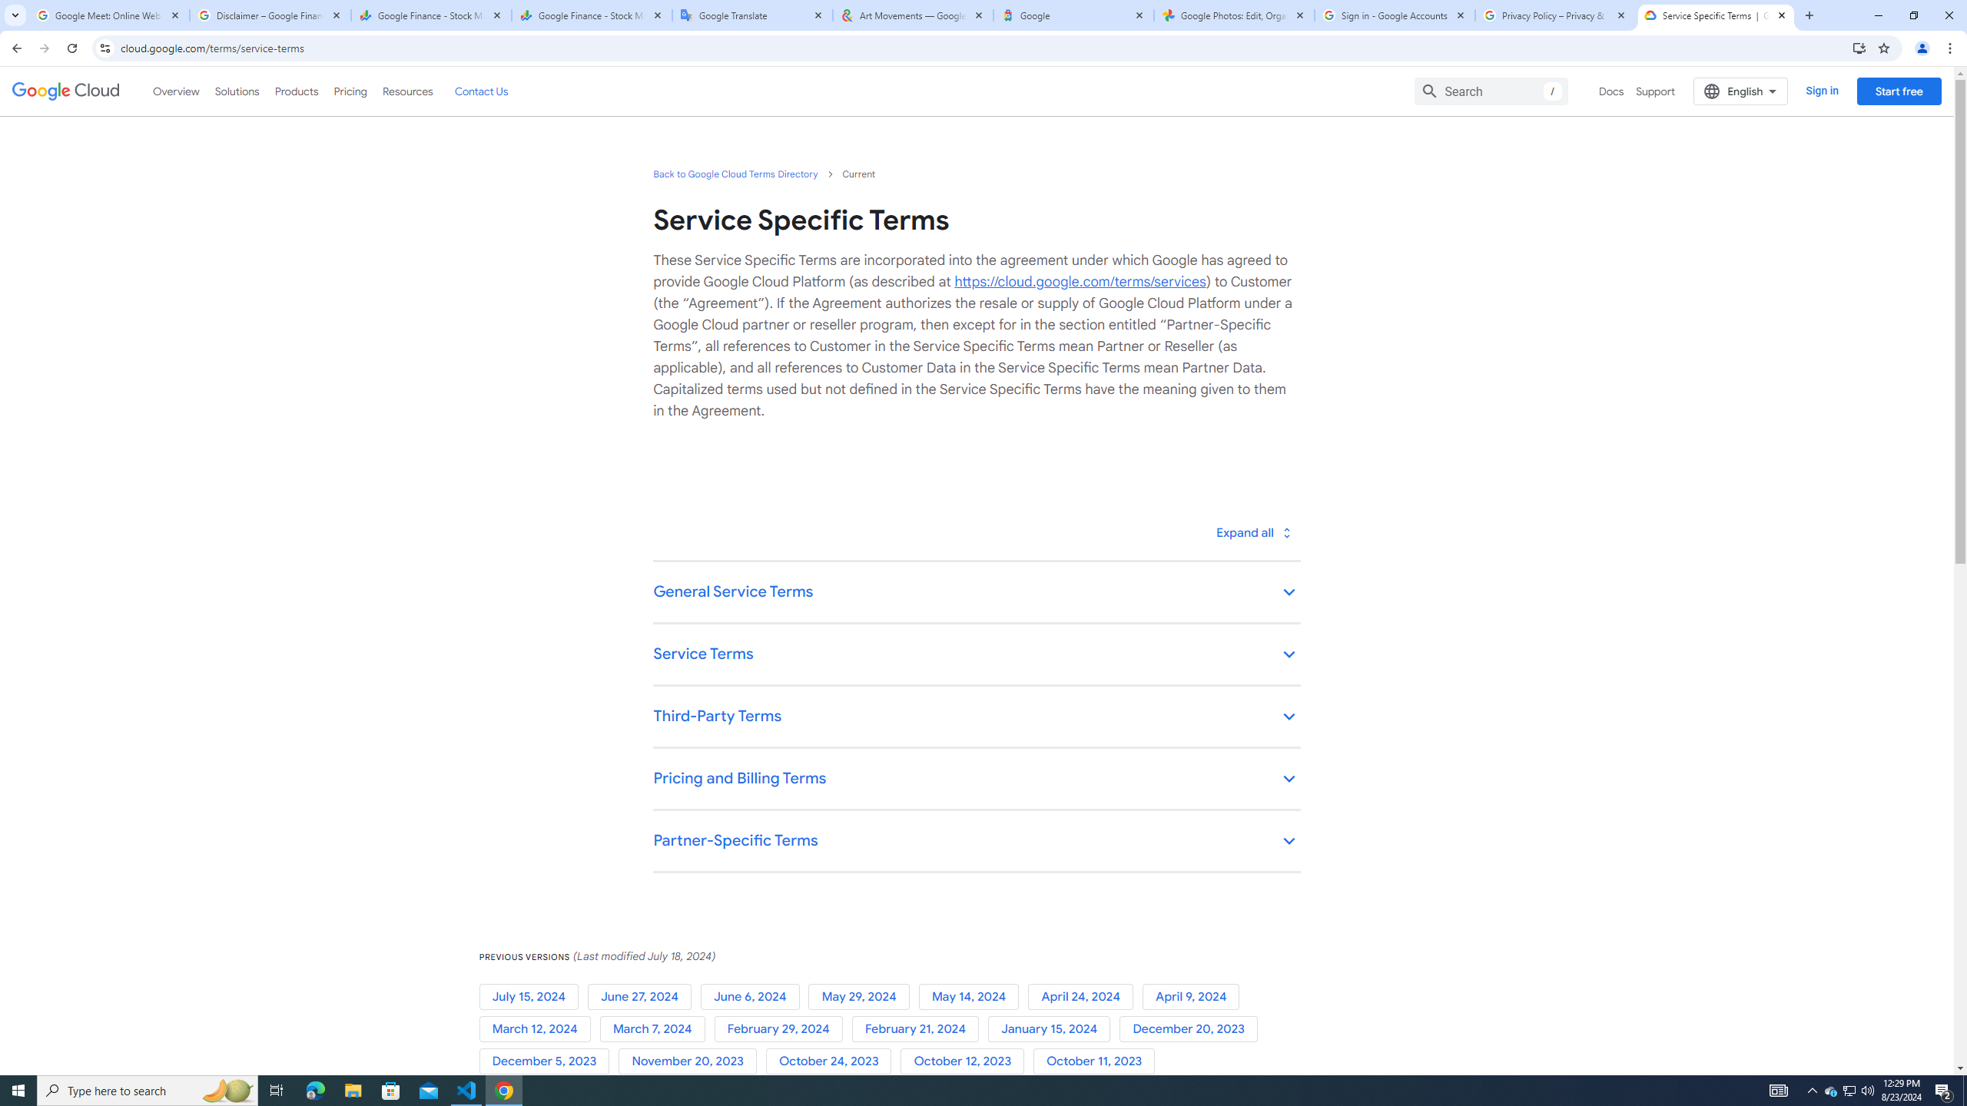 The image size is (1967, 1106). I want to click on 'Back to Google Cloud Terms Directory', so click(735, 173).